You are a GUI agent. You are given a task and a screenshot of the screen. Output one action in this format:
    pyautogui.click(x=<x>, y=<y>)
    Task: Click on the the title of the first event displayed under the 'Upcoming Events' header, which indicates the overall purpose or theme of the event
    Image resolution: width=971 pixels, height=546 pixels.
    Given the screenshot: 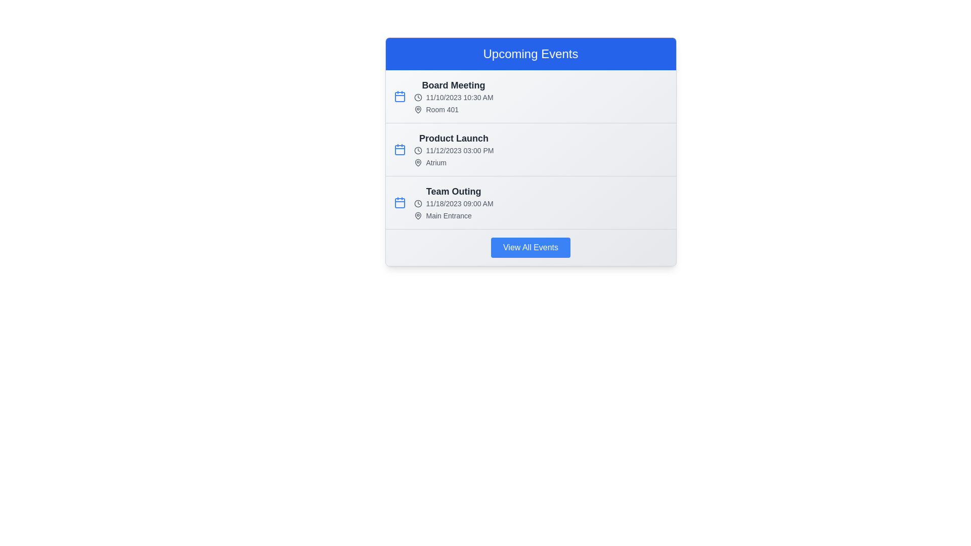 What is the action you would take?
    pyautogui.click(x=453, y=85)
    